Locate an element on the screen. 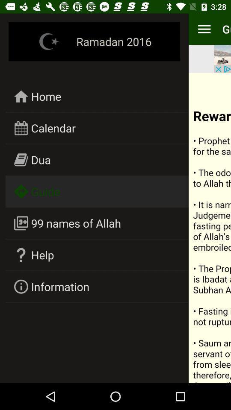 This screenshot has height=410, width=231. item next to 99 names of is located at coordinates (209, 227).